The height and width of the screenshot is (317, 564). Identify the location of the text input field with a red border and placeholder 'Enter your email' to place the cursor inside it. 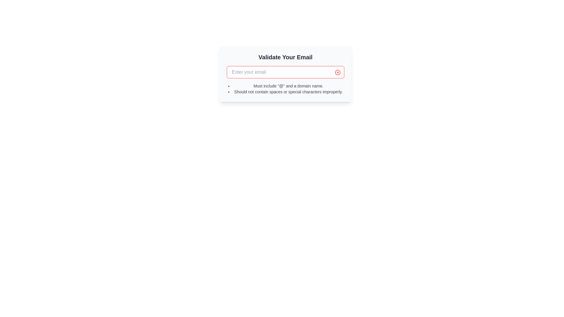
(285, 72).